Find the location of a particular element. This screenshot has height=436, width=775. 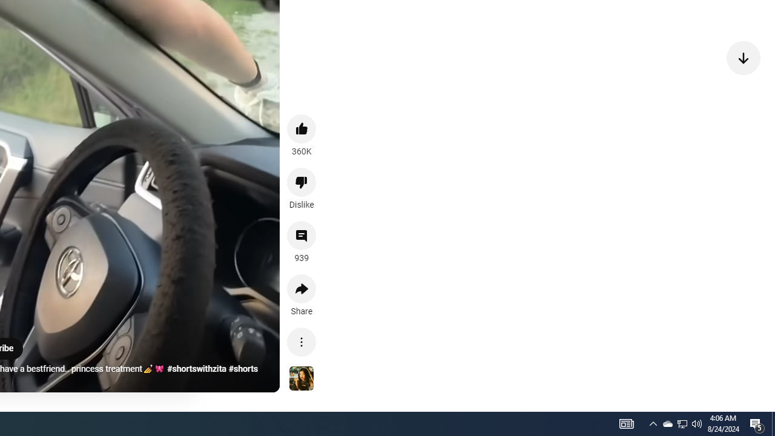

'like this video along with 360K other people' is located at coordinates (302, 128).